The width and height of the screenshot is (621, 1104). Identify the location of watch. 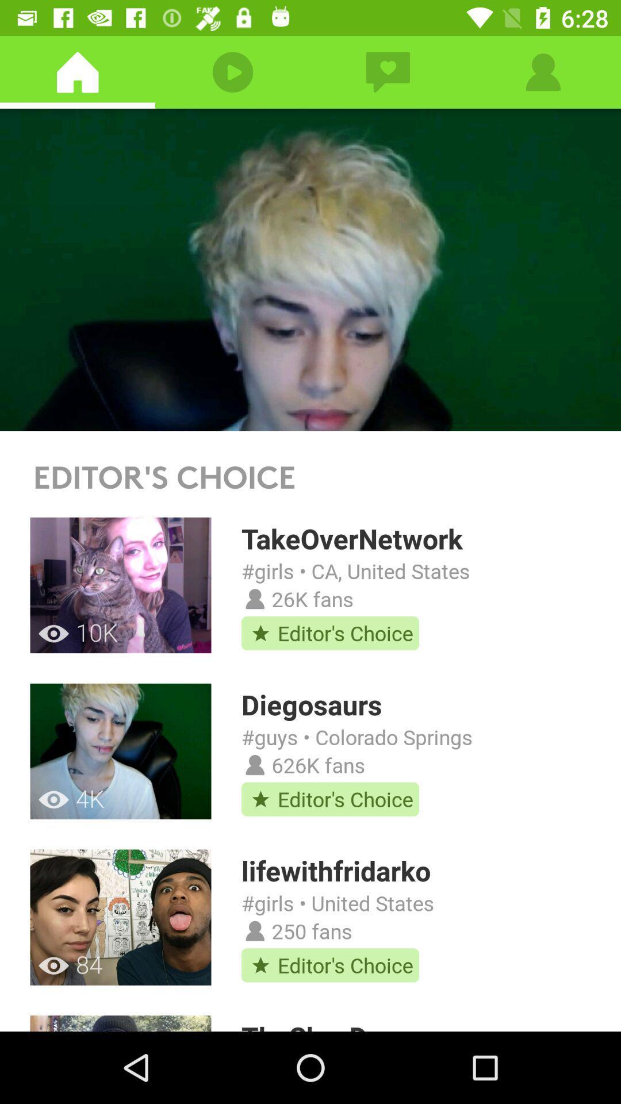
(310, 269).